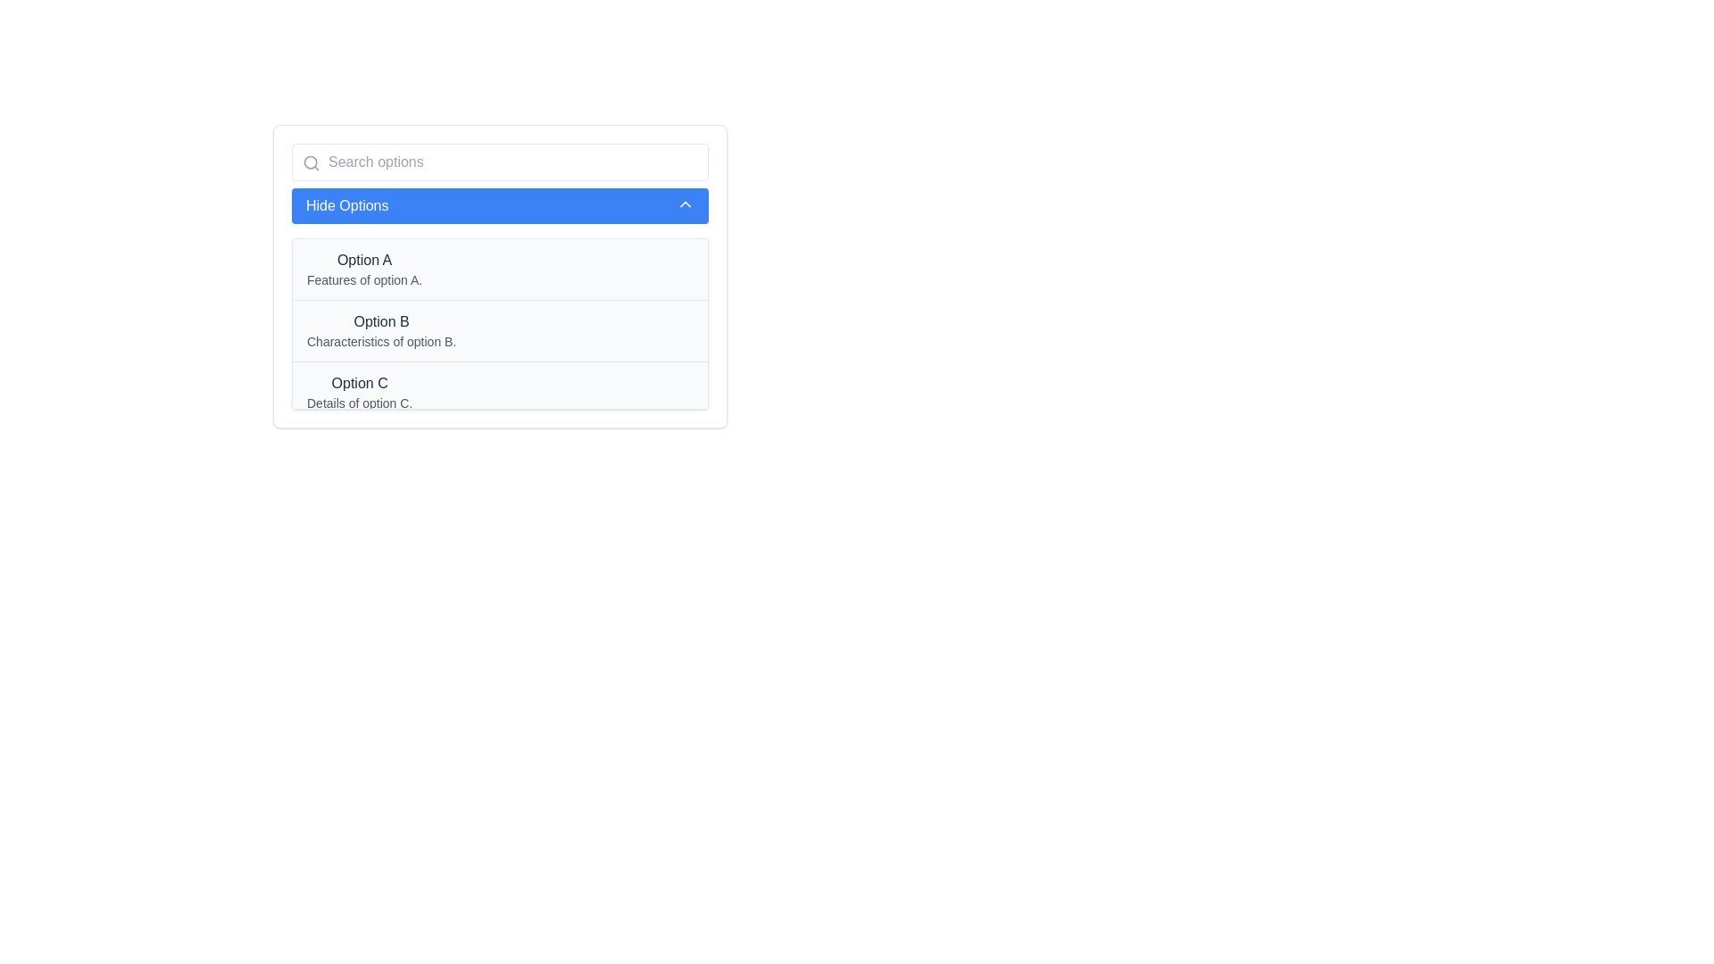  Describe the element at coordinates (363, 269) in the screenshot. I see `the dropdown menu item labeled 'Option A'` at that location.